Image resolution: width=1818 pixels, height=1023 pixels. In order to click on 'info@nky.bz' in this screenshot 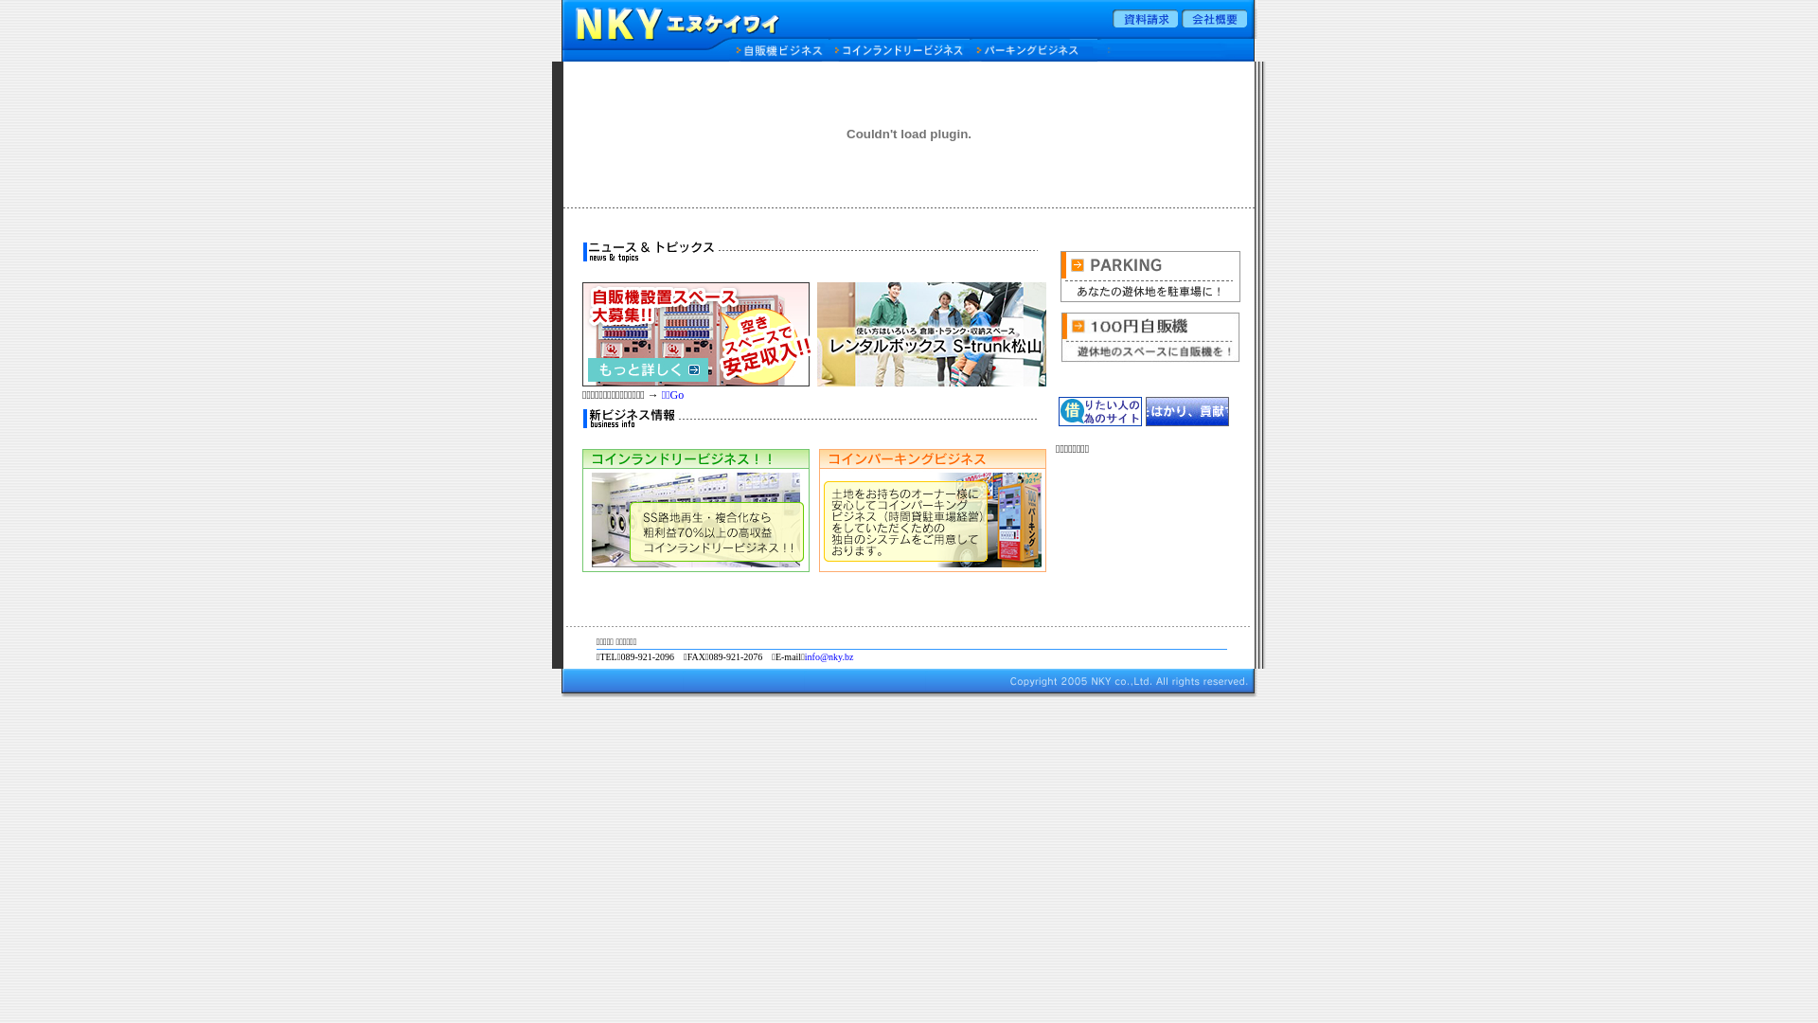, I will do `click(829, 655)`.